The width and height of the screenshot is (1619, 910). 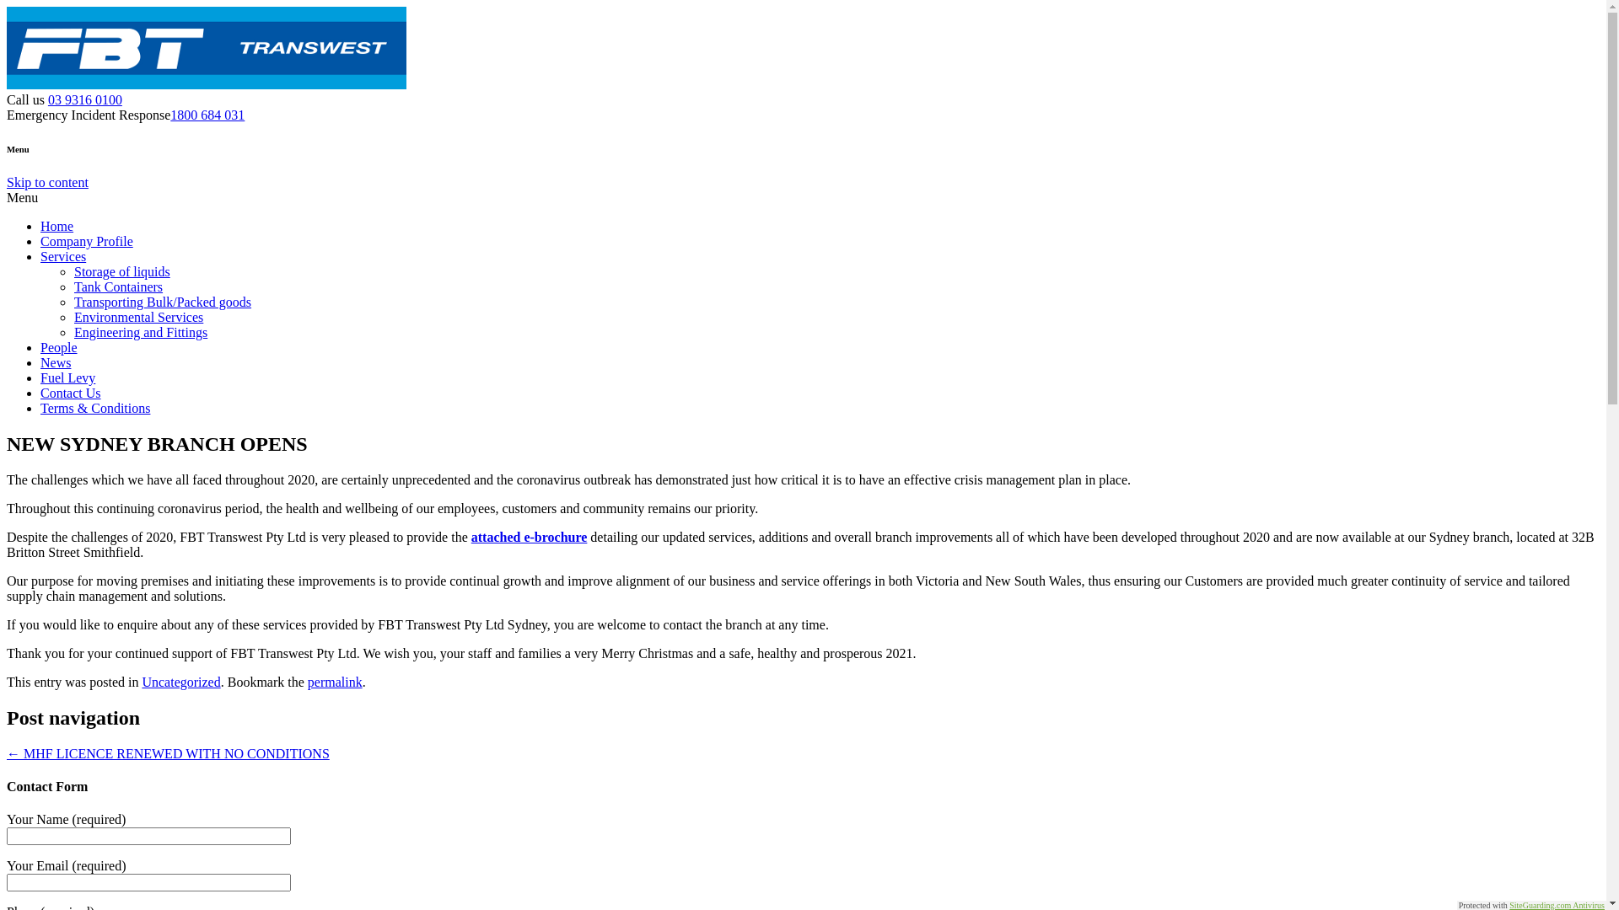 What do you see at coordinates (47, 182) in the screenshot?
I see `'Skip to content'` at bounding box center [47, 182].